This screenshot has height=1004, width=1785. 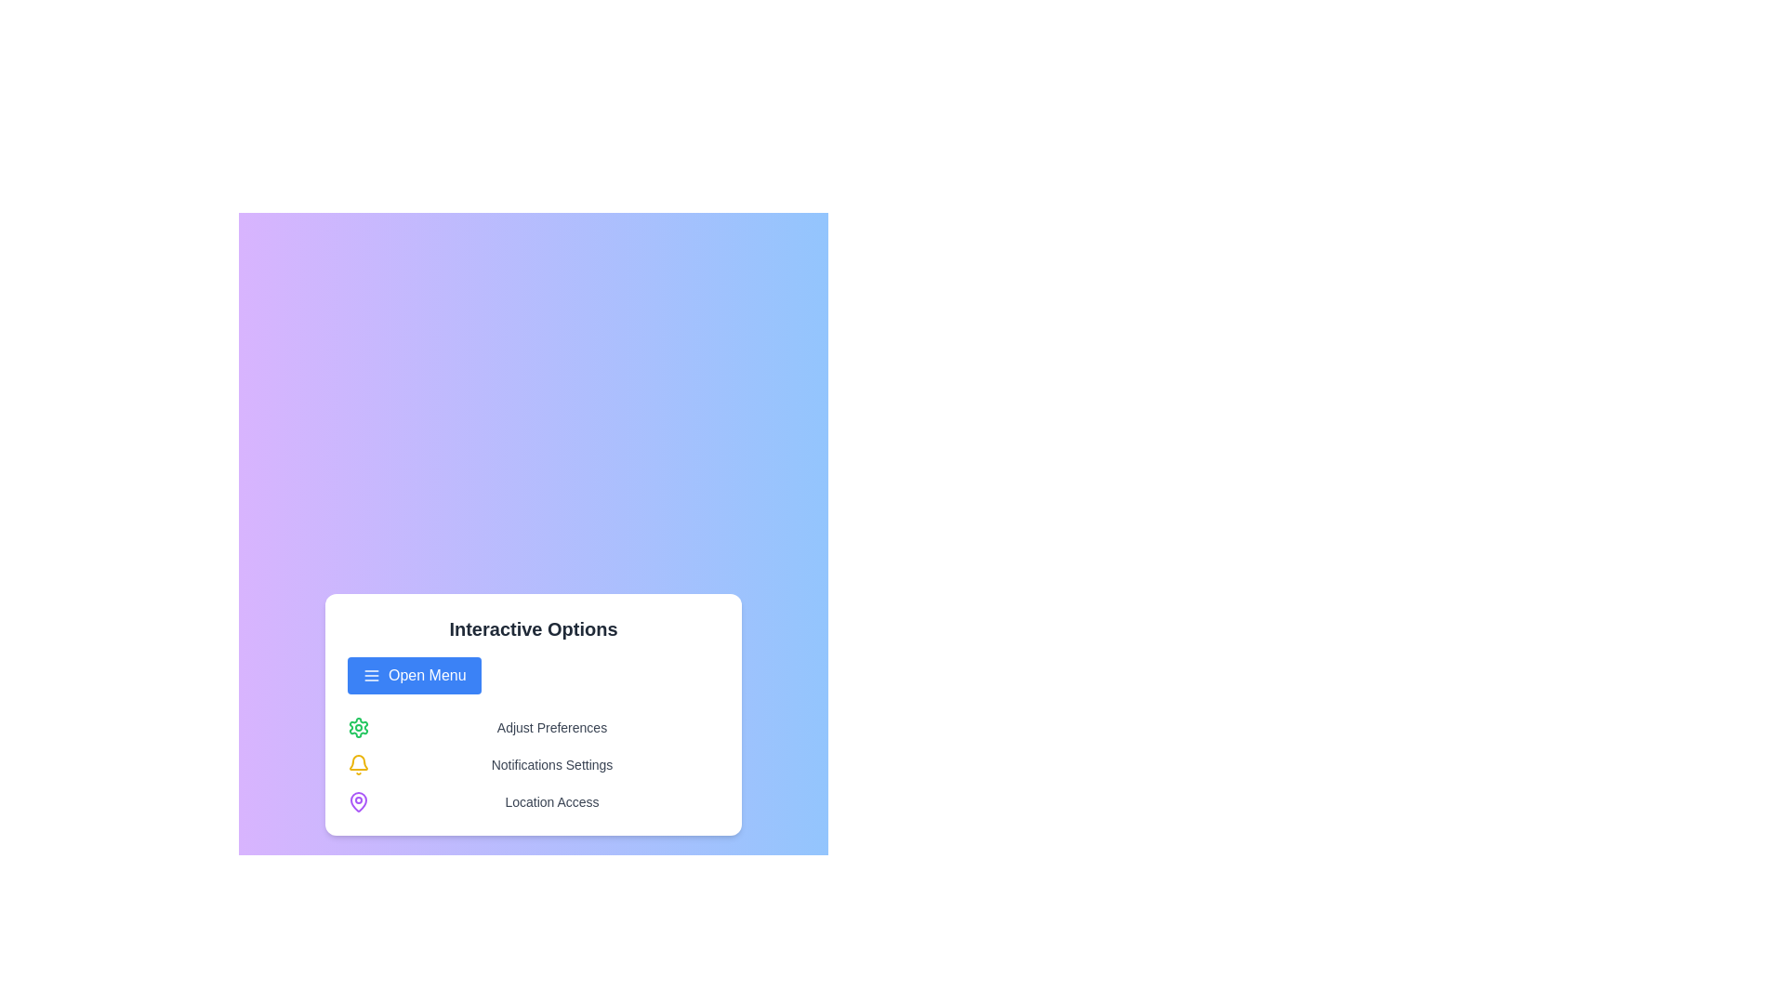 I want to click on the map pin-shaped icon with a purple outline, which is the third item in the vertical list of icons beside the 'Location Access' label, so click(x=358, y=801).